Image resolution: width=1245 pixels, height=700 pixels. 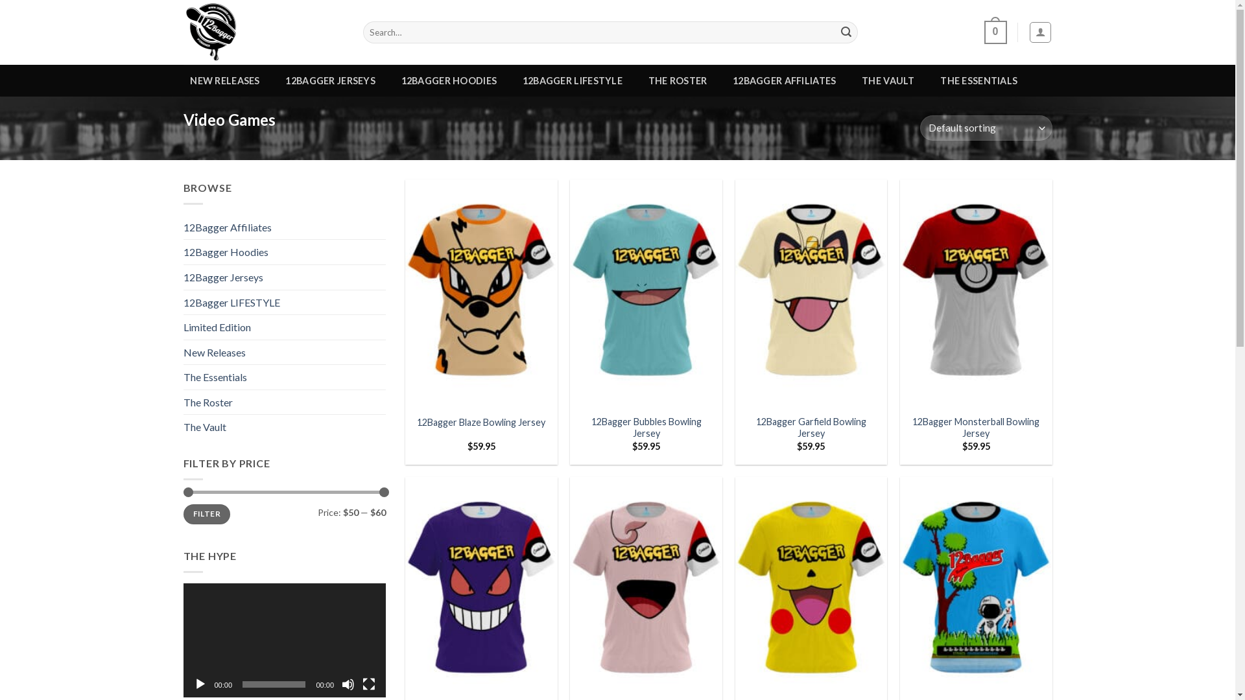 I want to click on '12BAGGER JERSEYS', so click(x=330, y=80).